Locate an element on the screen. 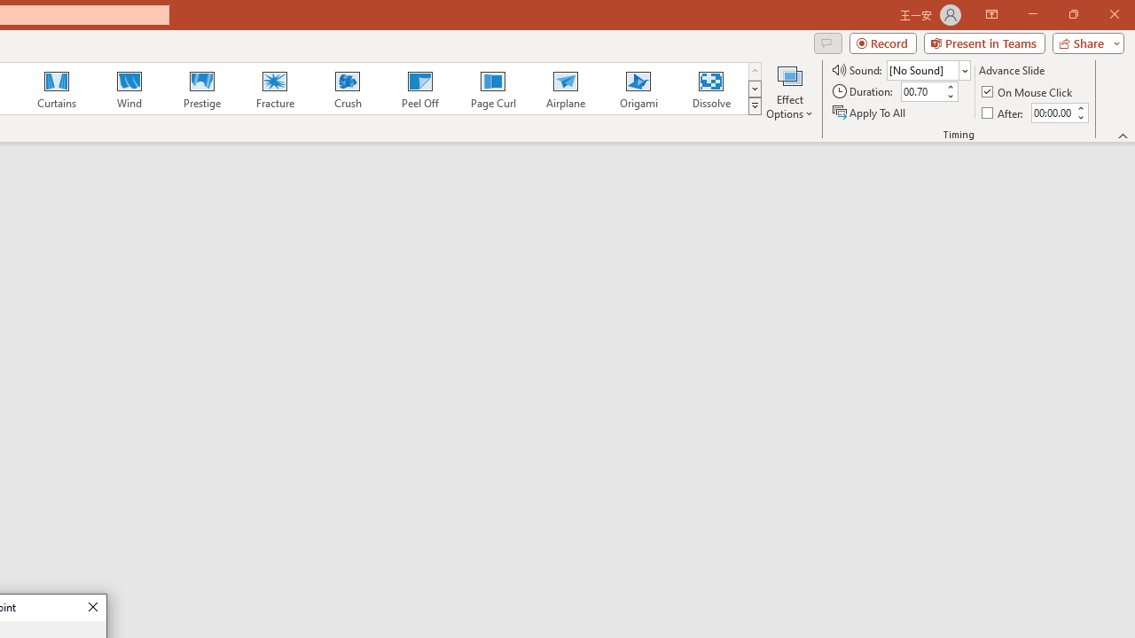 This screenshot has width=1135, height=638. 'Peel Off' is located at coordinates (419, 89).